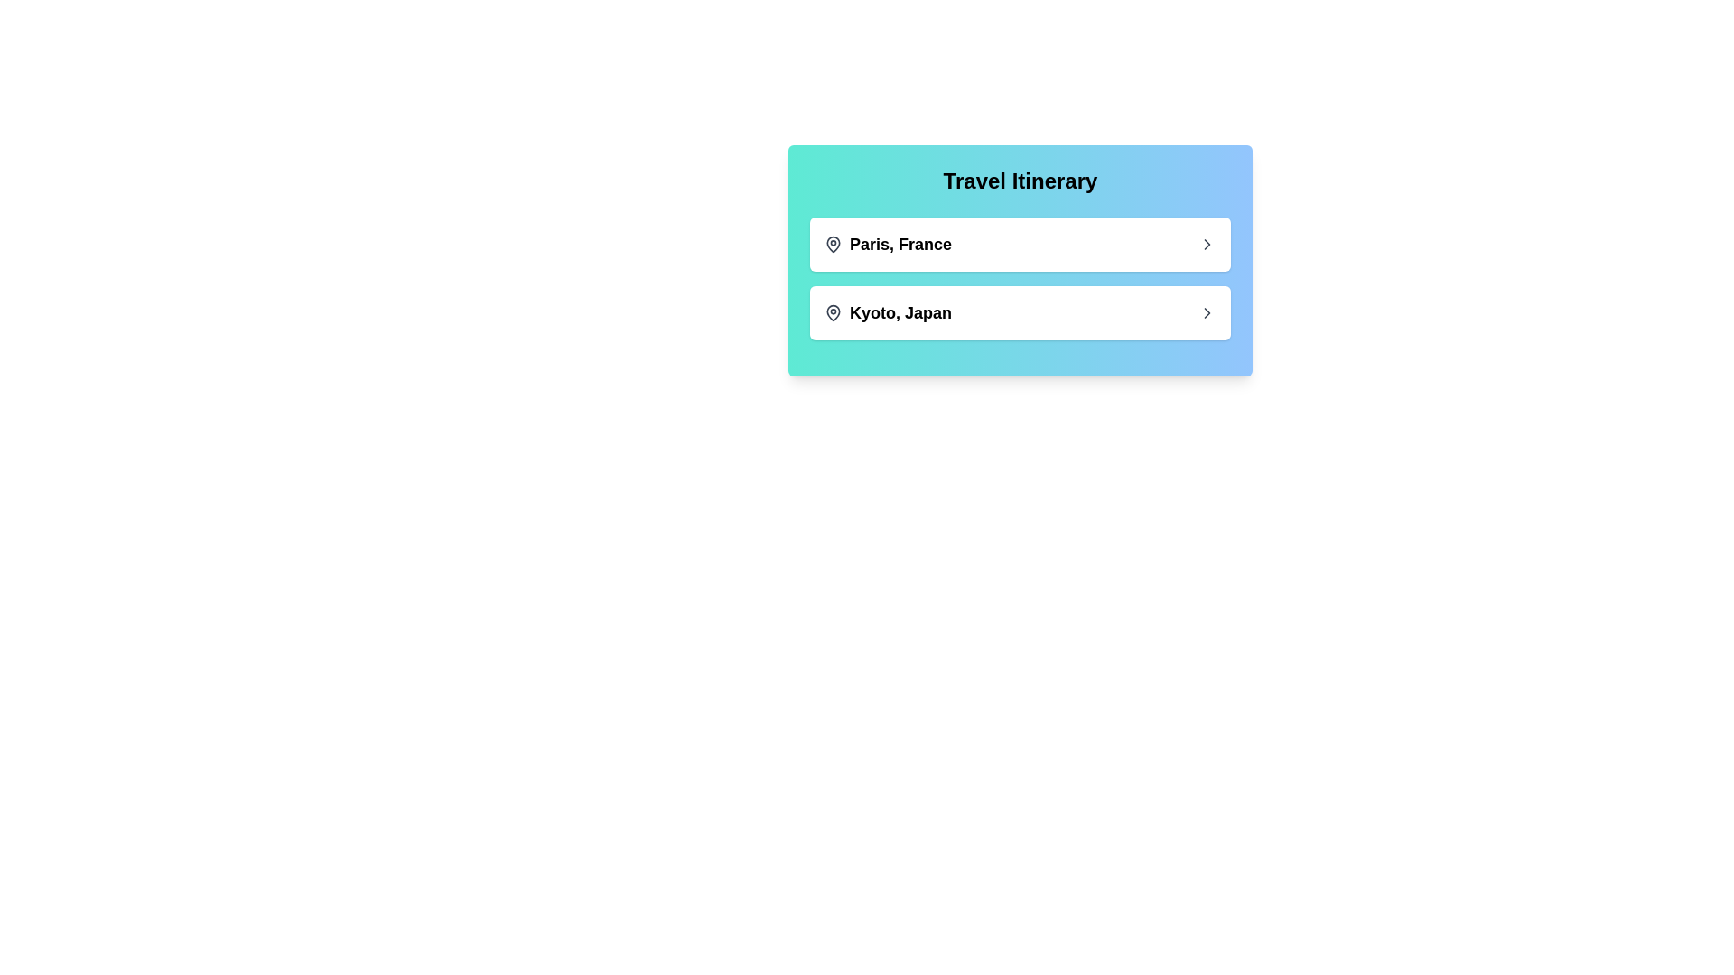 The width and height of the screenshot is (1734, 975). What do you see at coordinates (1207, 244) in the screenshot?
I see `the chevron icon button, which is a thin-stroke rightward arrow located at the far right of the entry displaying 'Paris, France'` at bounding box center [1207, 244].